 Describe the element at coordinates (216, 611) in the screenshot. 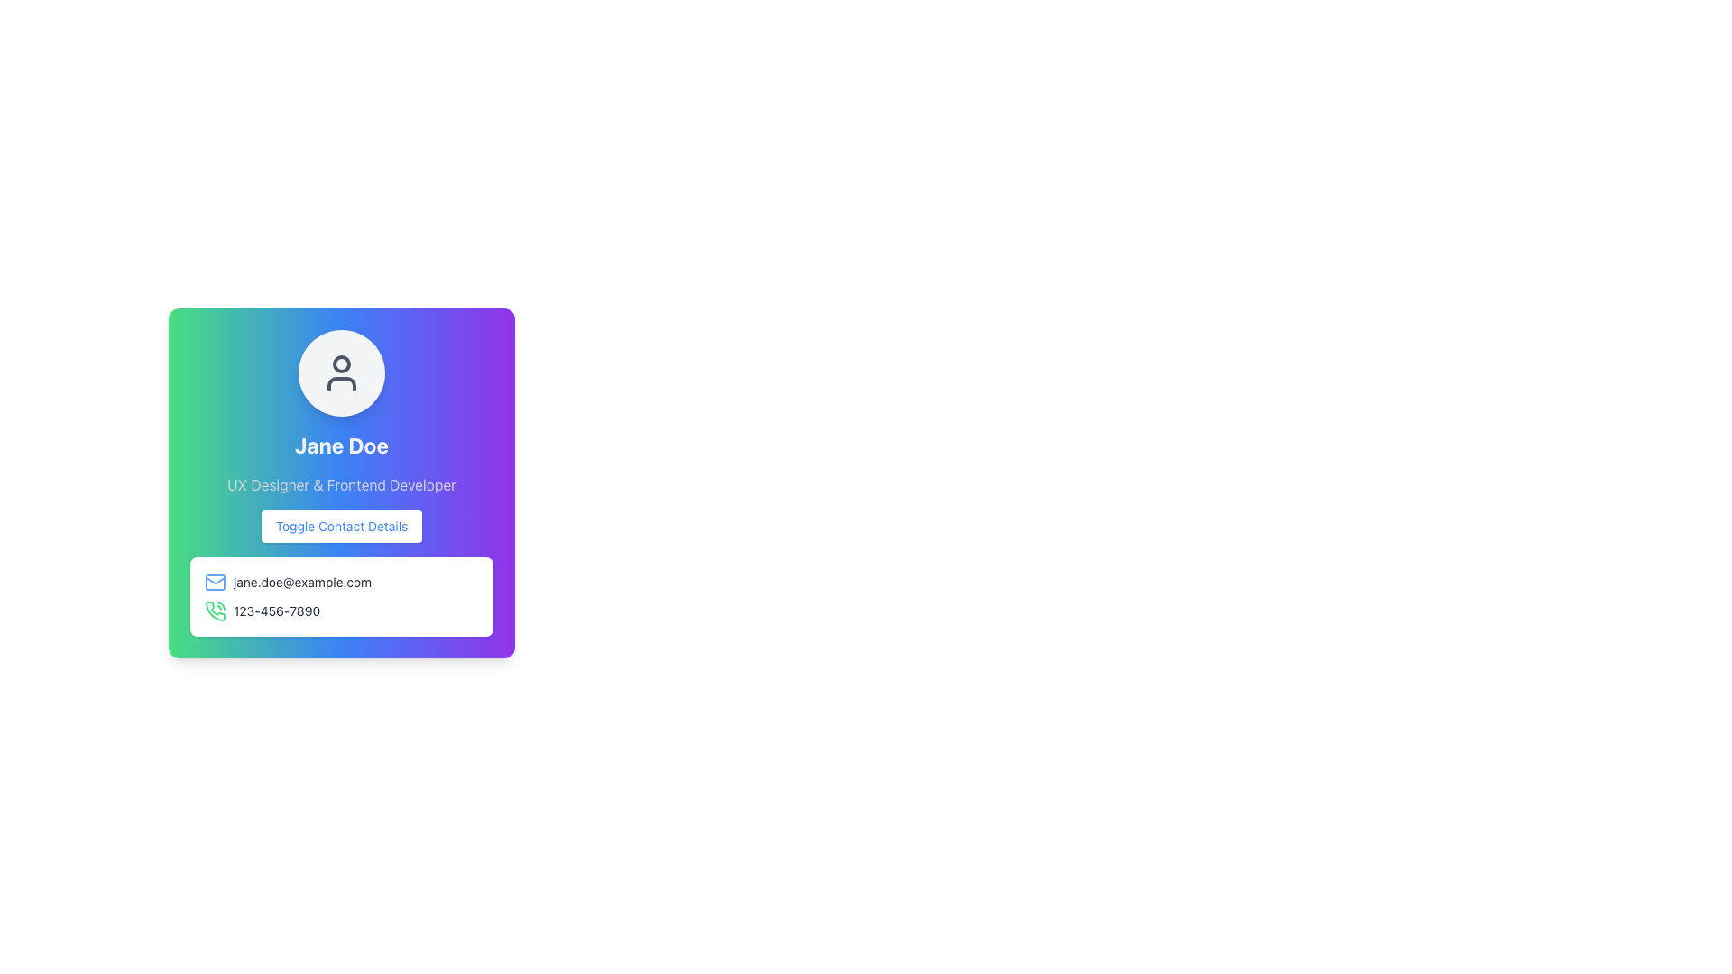

I see `the green phone call icon located to the left of the phone number display (123-456-7890) to initiate a phone call action` at that location.